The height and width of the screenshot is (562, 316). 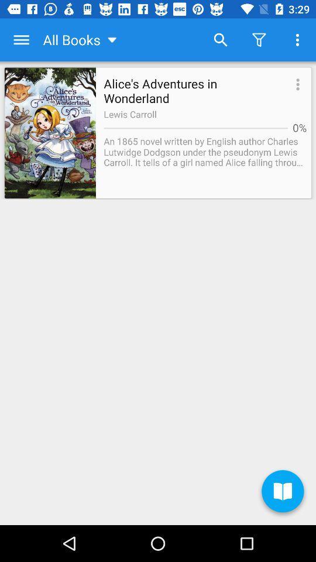 I want to click on item to the right of the all books, so click(x=221, y=40).